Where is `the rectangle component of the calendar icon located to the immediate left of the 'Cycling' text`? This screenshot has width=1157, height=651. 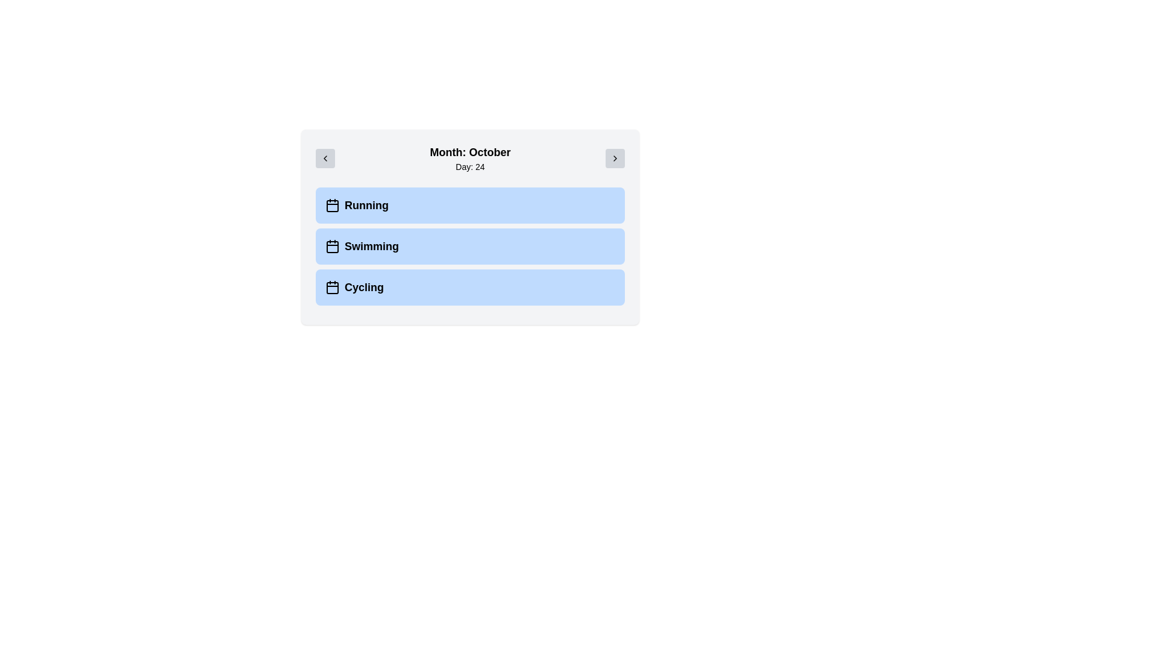
the rectangle component of the calendar icon located to the immediate left of the 'Cycling' text is located at coordinates (333, 288).